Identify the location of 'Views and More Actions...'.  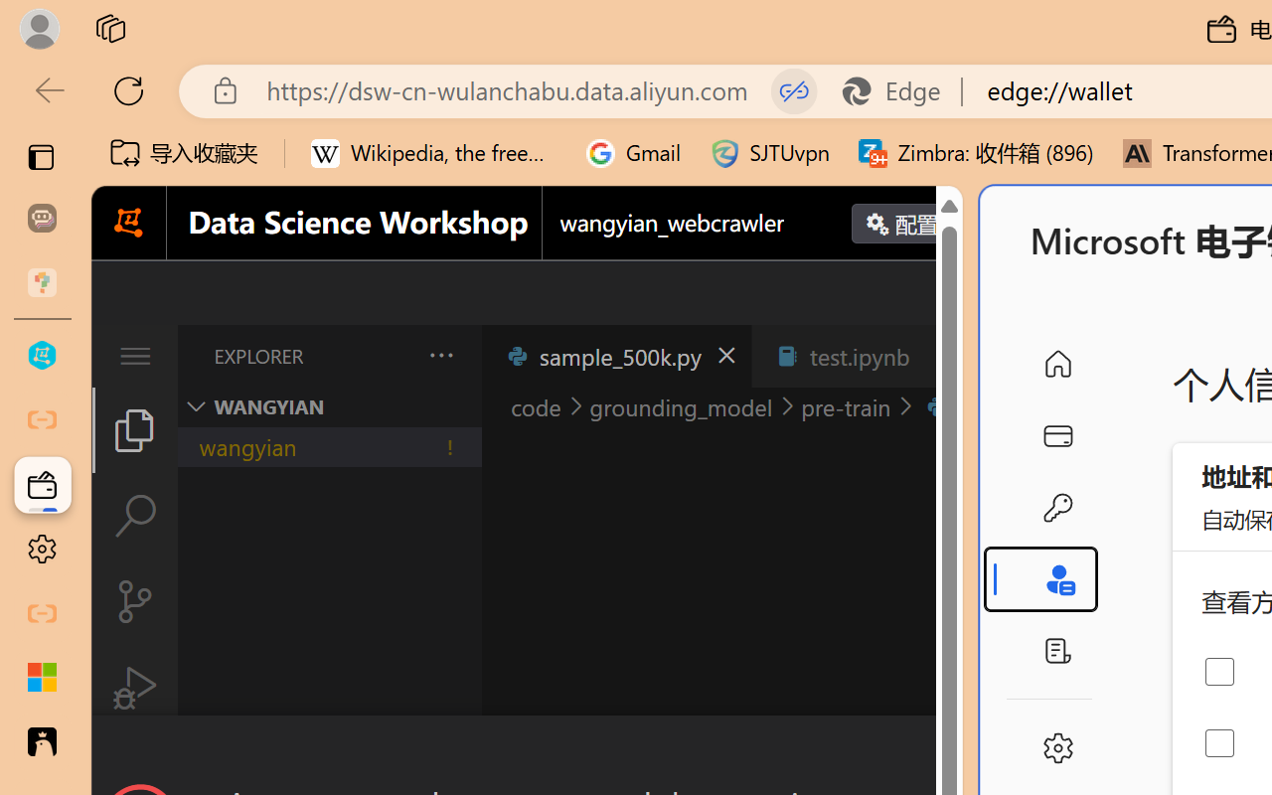
(438, 355).